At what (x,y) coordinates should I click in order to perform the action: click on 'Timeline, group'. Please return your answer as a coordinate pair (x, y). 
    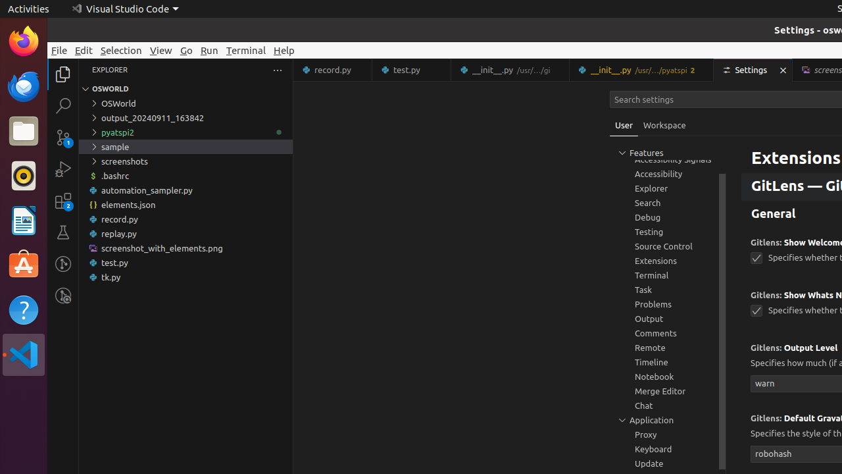
    Looking at the image, I should click on (668, 362).